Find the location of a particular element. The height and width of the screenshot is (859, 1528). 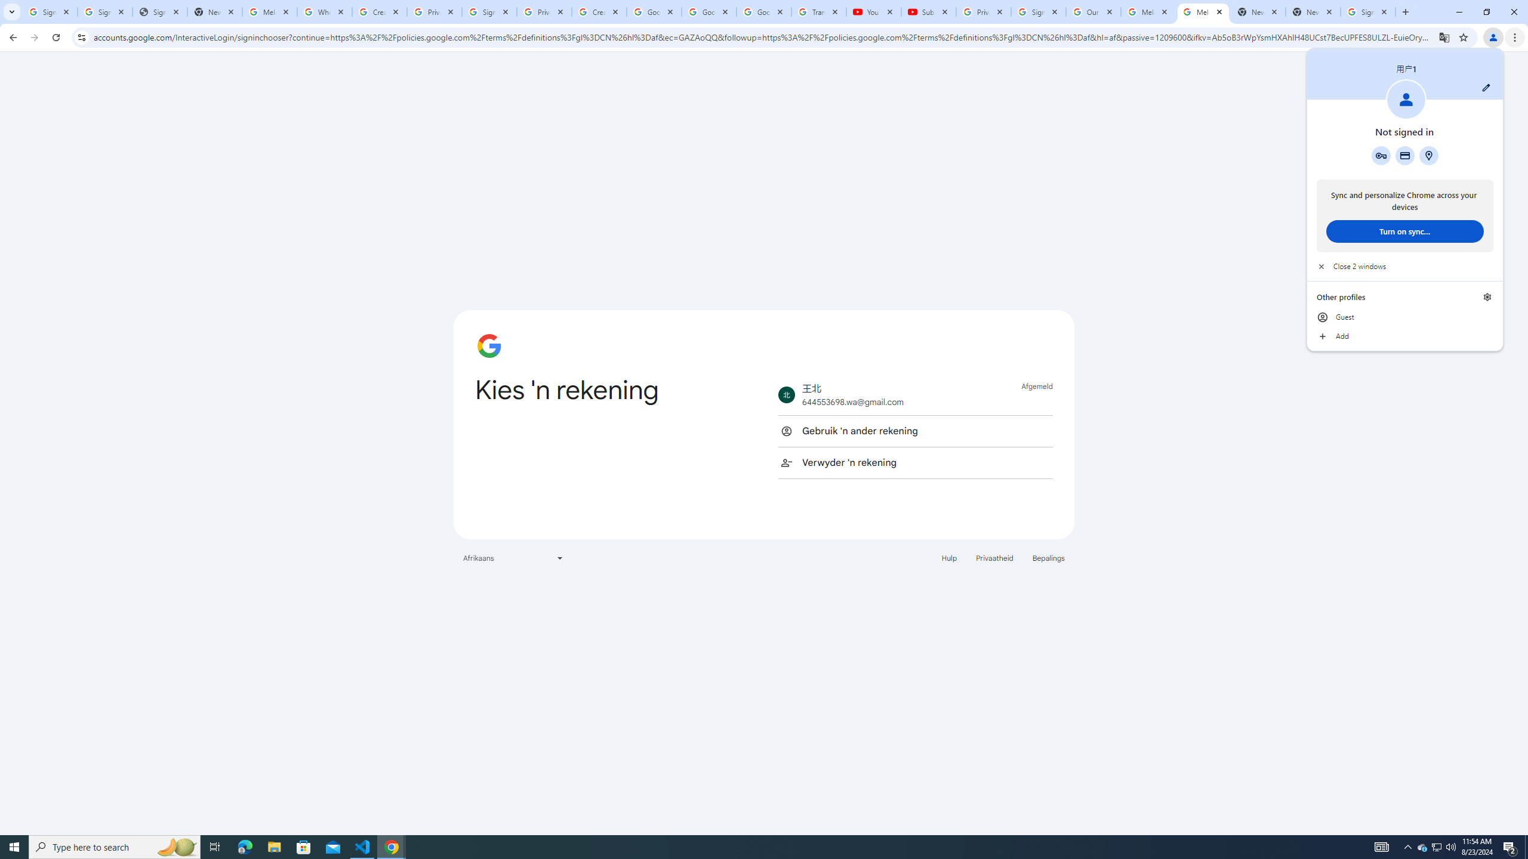

'Privaatheid' is located at coordinates (994, 557).